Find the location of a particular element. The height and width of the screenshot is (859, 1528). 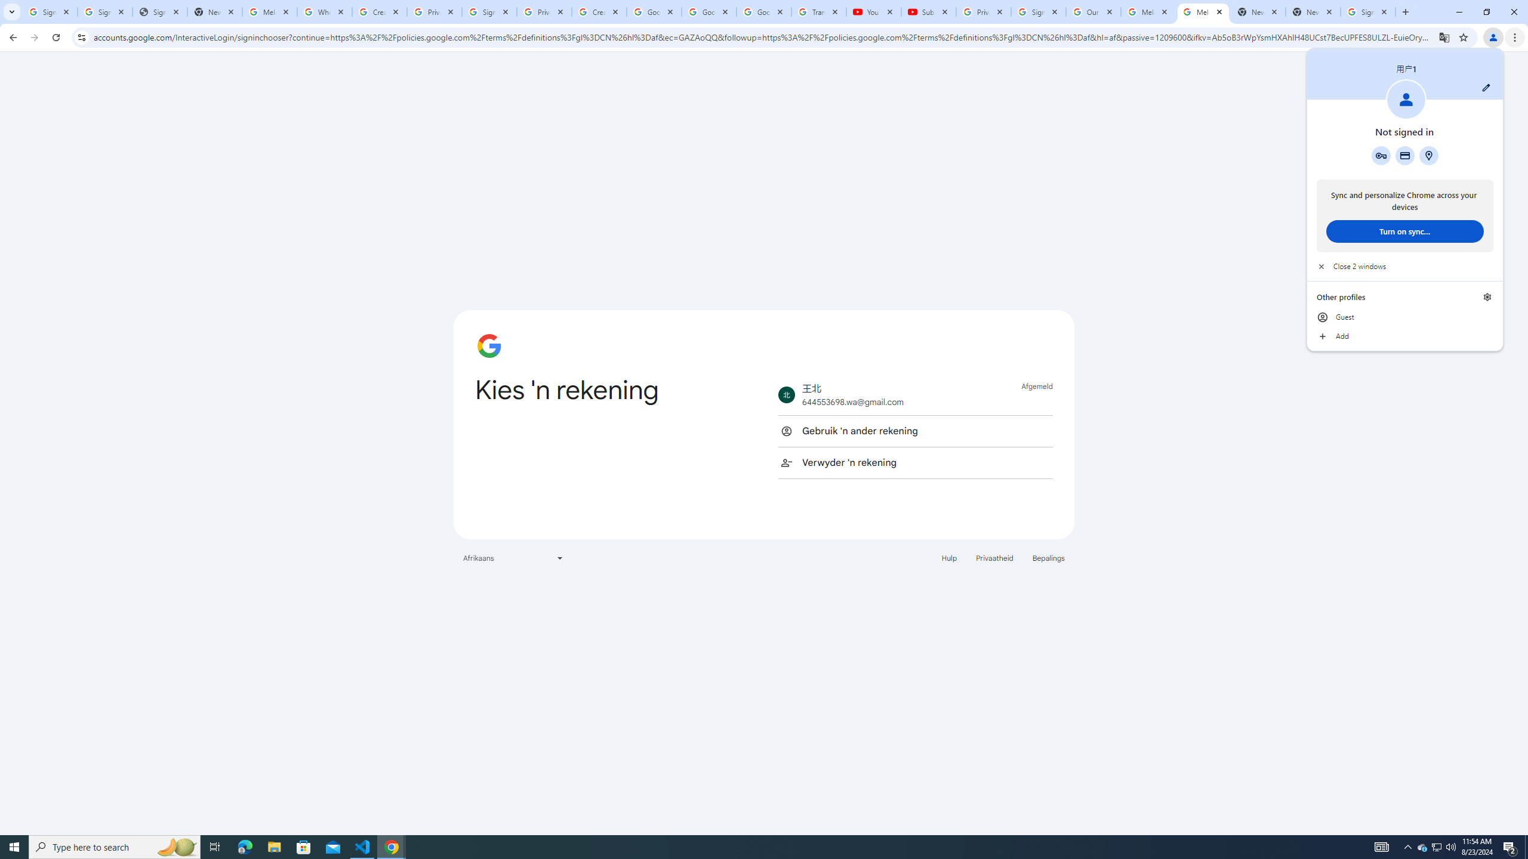

'Privaatheid' is located at coordinates (994, 557).